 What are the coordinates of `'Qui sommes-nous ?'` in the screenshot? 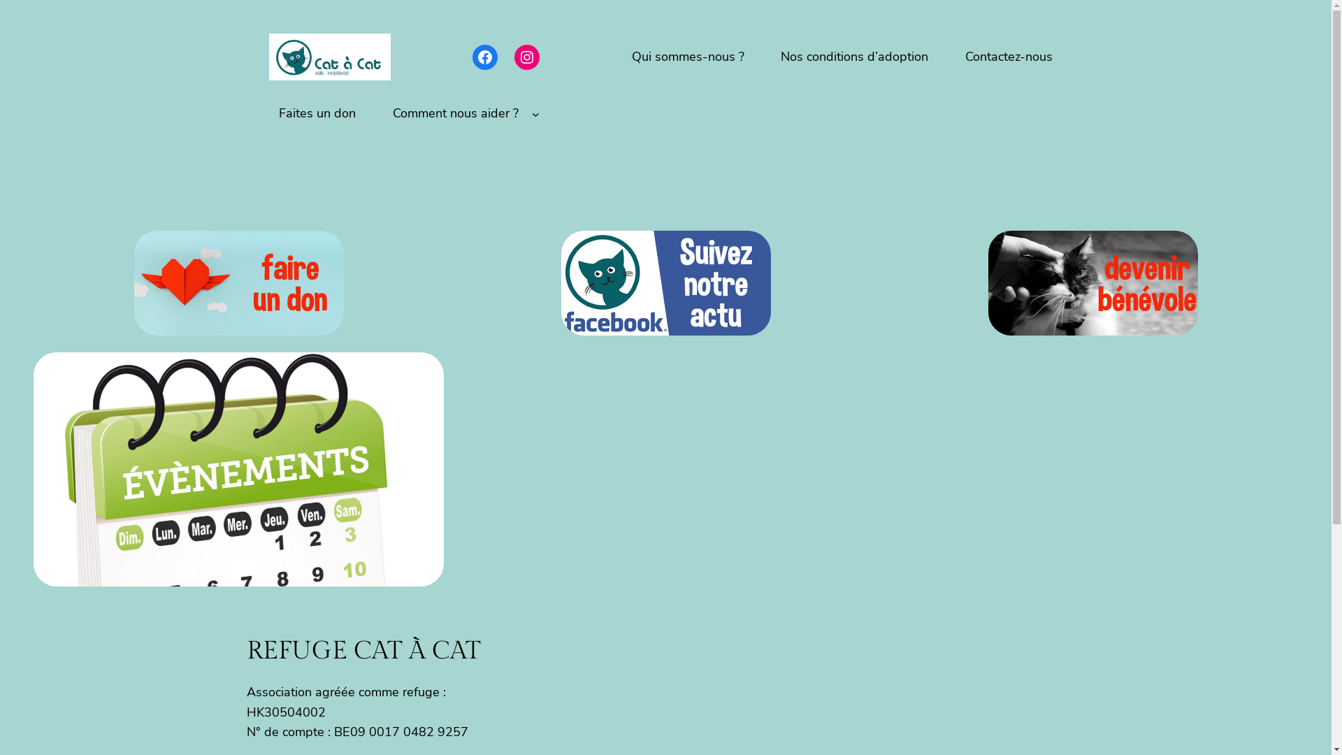 It's located at (620, 56).